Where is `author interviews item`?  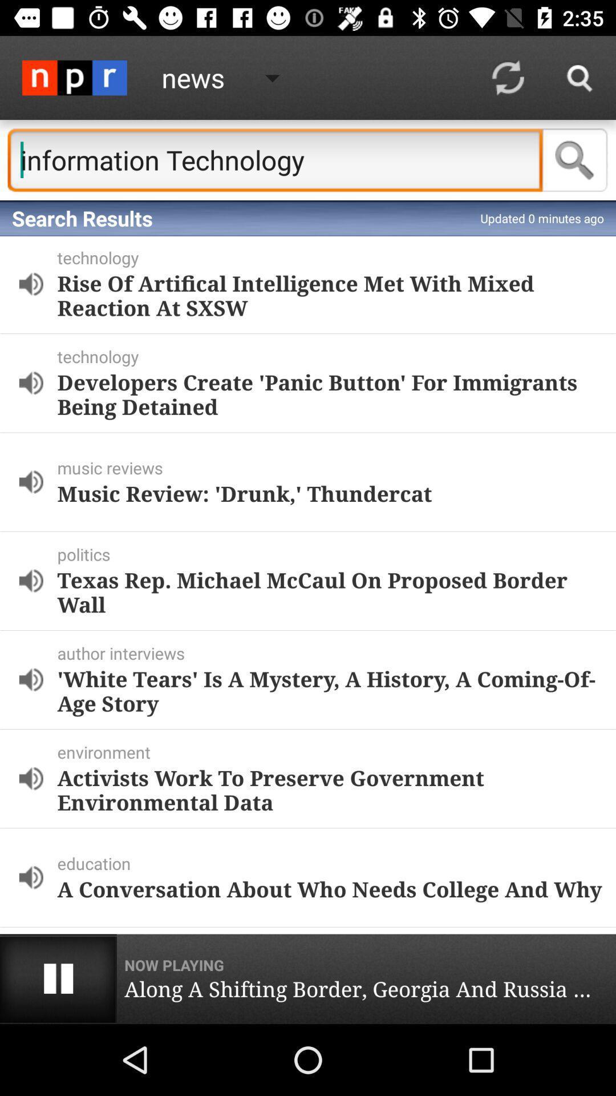
author interviews item is located at coordinates (334, 653).